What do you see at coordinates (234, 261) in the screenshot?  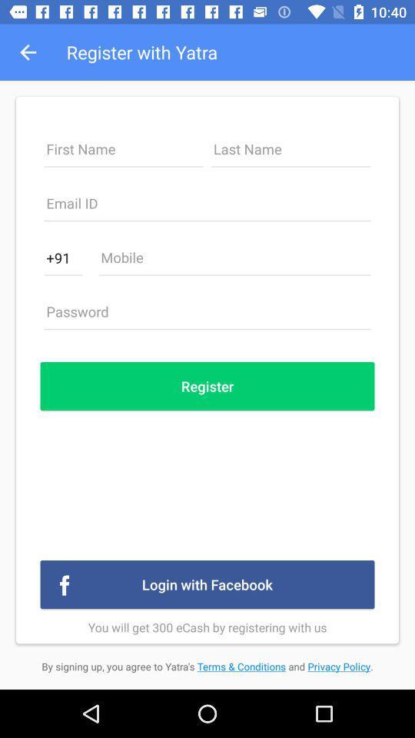 I see `type phone number` at bounding box center [234, 261].